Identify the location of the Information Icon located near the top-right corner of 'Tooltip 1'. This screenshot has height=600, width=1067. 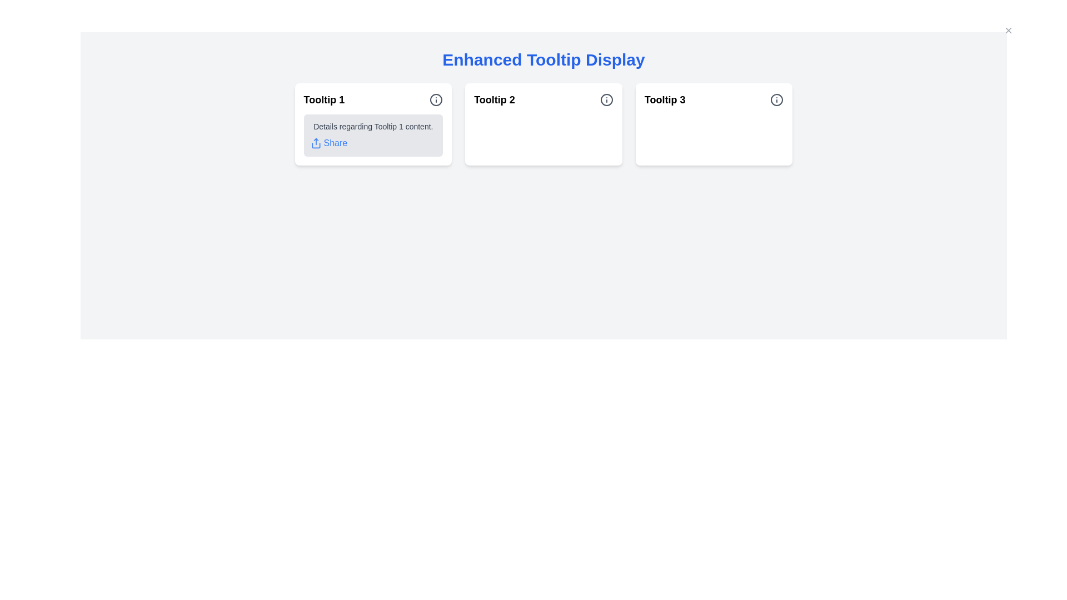
(436, 100).